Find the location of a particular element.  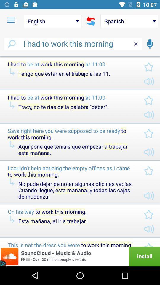

install soundcloud is located at coordinates (80, 256).